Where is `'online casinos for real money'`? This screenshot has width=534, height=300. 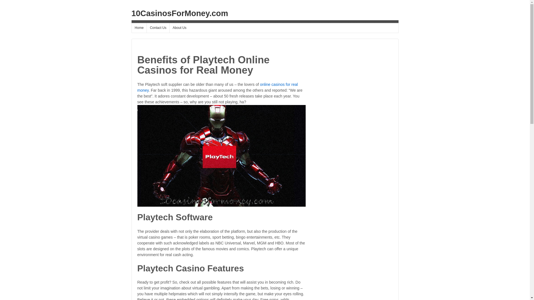 'online casinos for real money' is located at coordinates (217, 87).